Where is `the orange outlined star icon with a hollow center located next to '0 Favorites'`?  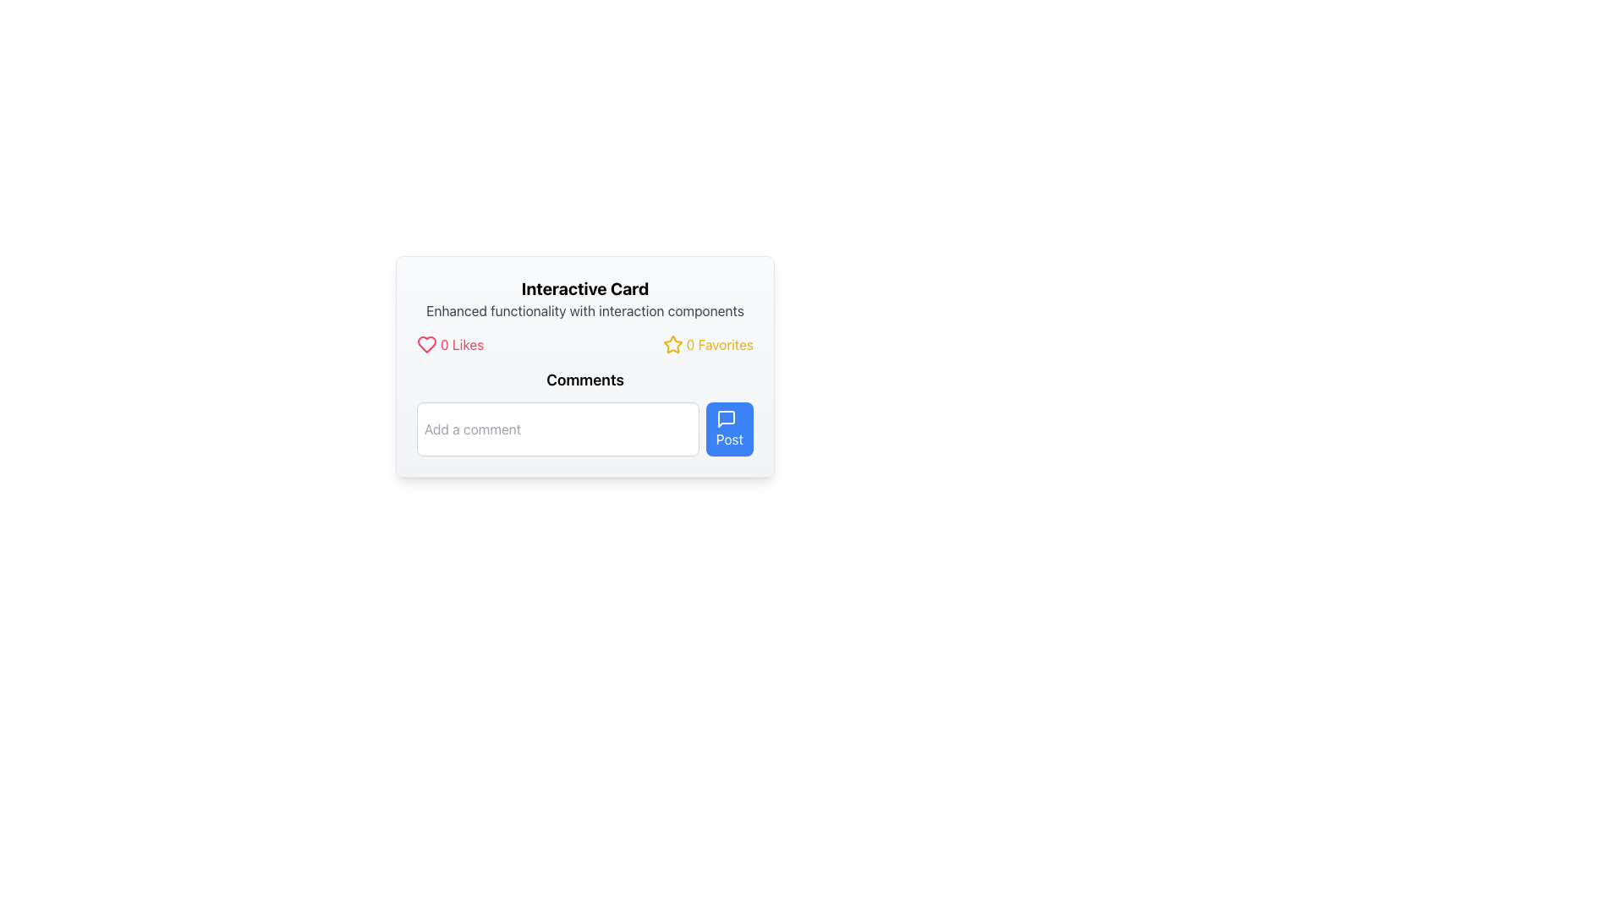 the orange outlined star icon with a hollow center located next to '0 Favorites' is located at coordinates (672, 343).